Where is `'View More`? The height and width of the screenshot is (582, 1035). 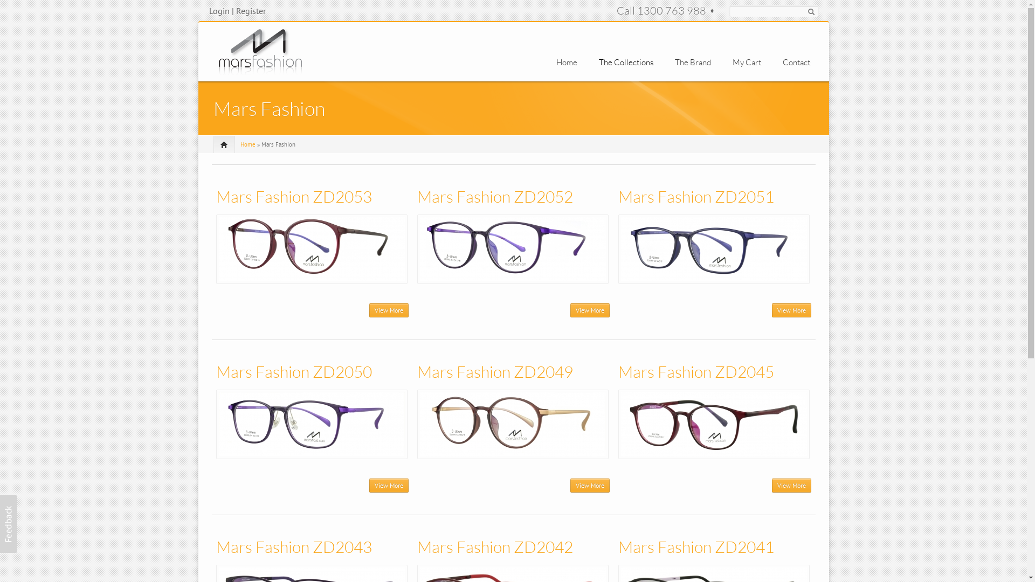
'View More is located at coordinates (388, 310).